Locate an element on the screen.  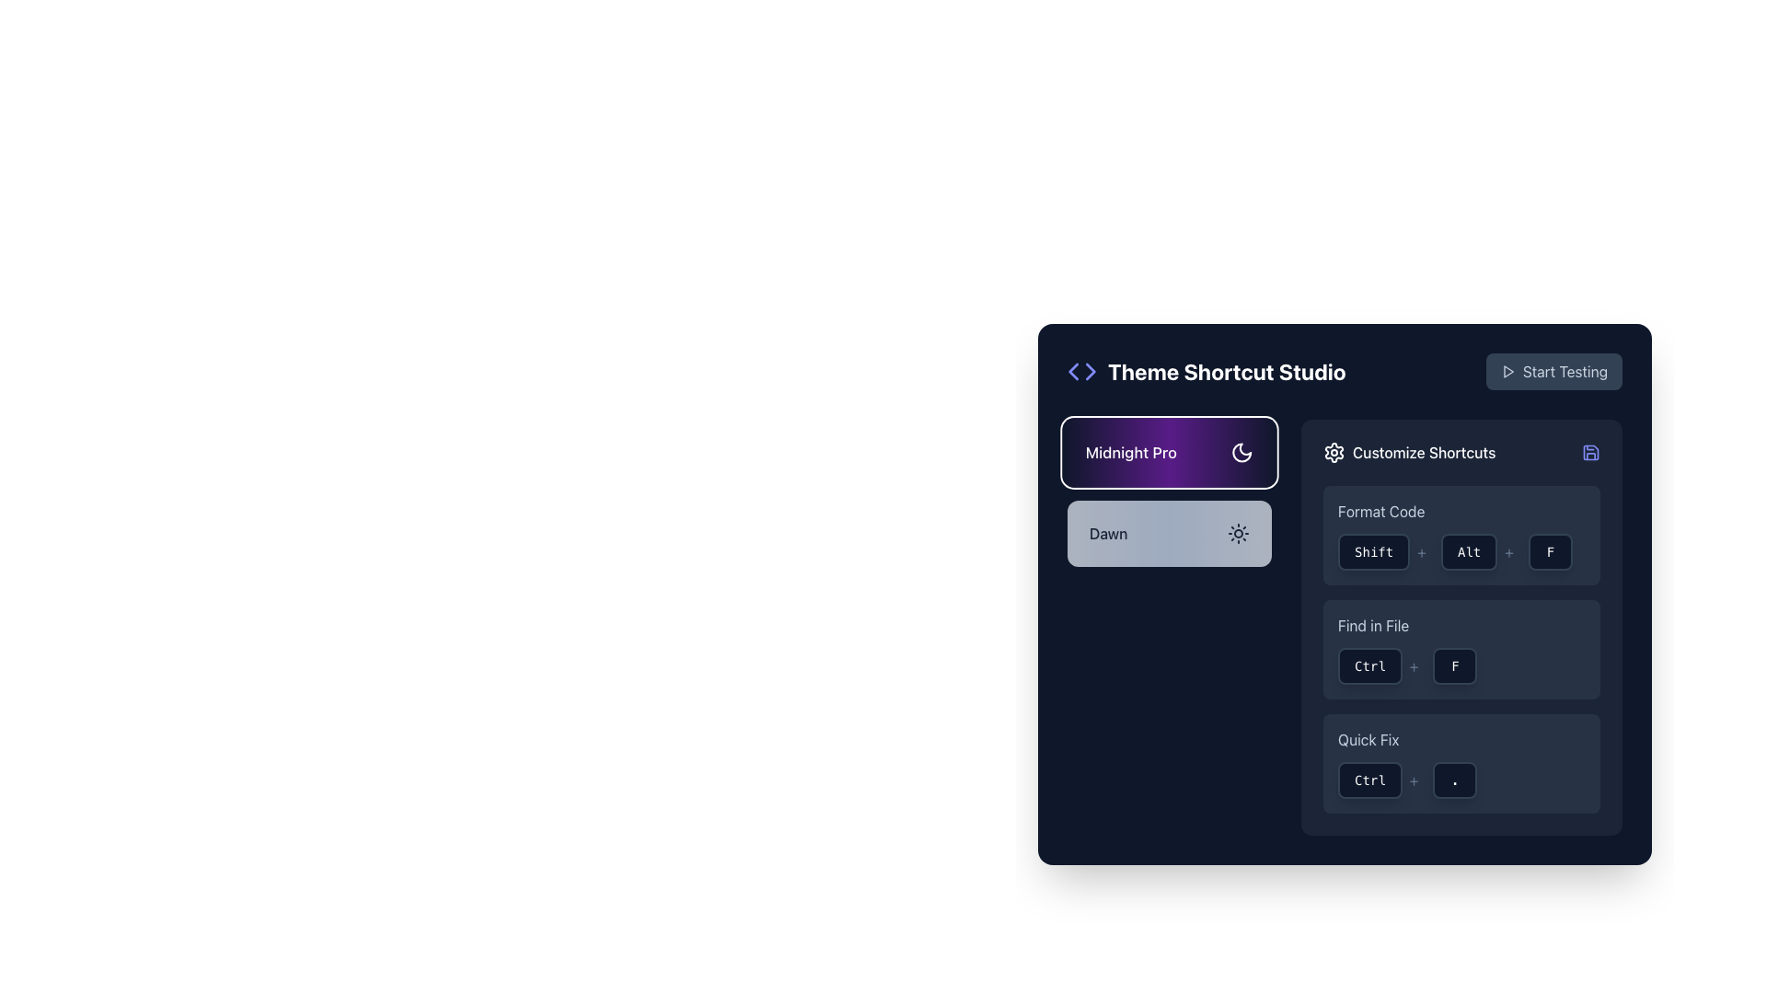
the button element with a black background and white text 'F', located in the 'Find in File' shortcut definition panel, to the right of the 'Ctrl' button is located at coordinates (1454, 666).